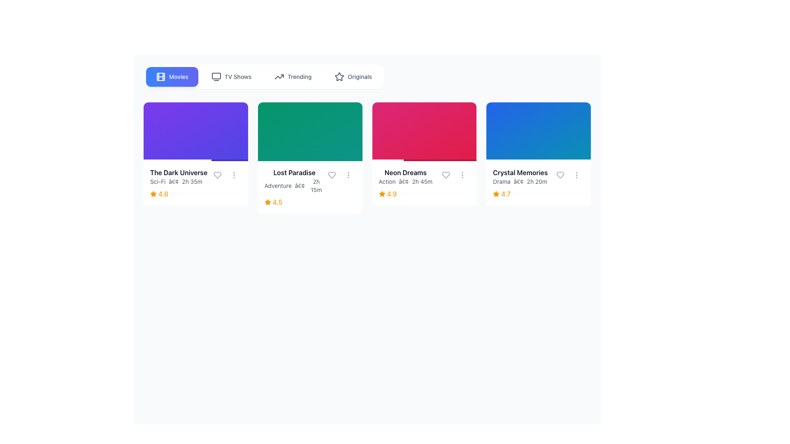  Describe the element at coordinates (309, 180) in the screenshot. I see `the text label displaying 'Adventure â€¢ 2h 15m' which is located beneath the title 'Lost Paradise' in the movie card` at that location.